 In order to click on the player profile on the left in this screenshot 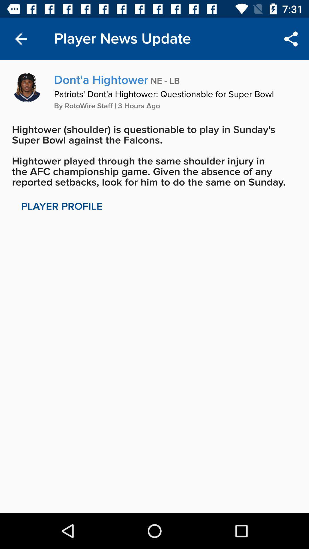, I will do `click(62, 206)`.